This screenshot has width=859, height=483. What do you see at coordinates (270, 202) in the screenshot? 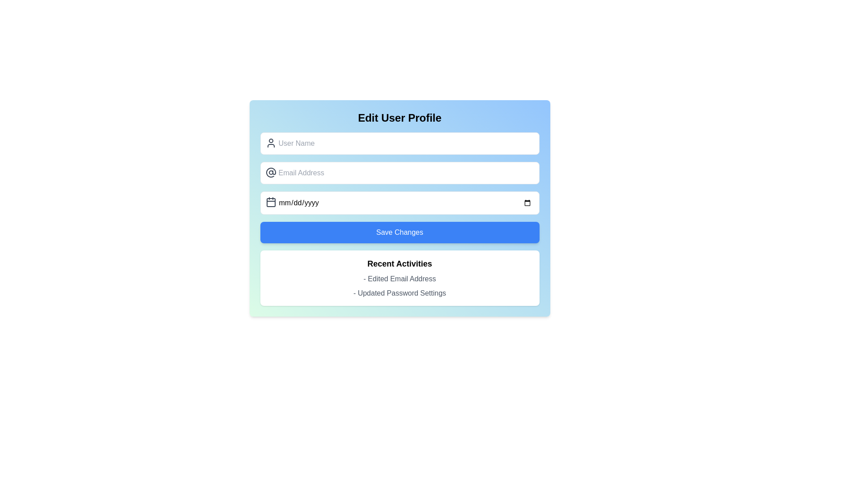
I see `the calendar icon, which serves as a visual indicator for the date input field in the user profile editing form` at bounding box center [270, 202].